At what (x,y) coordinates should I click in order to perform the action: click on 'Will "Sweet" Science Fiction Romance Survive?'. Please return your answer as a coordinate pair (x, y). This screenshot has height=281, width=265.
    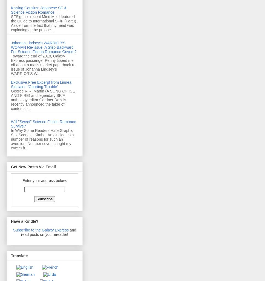
    Looking at the image, I should click on (43, 124).